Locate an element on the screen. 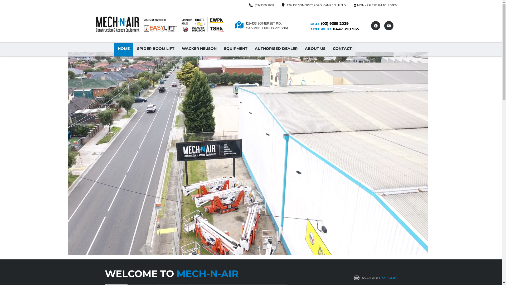 This screenshot has height=285, width=506. 'AUTHORISED DEALER' is located at coordinates (275, 50).